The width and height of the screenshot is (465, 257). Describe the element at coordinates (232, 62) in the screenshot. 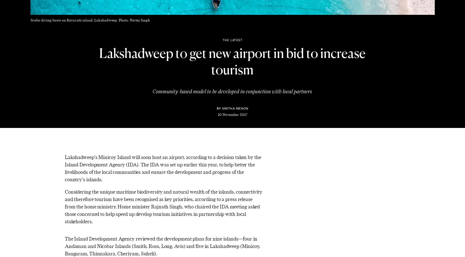

I see `'Lakshadweep to get new airport in bid to increase tourism'` at that location.